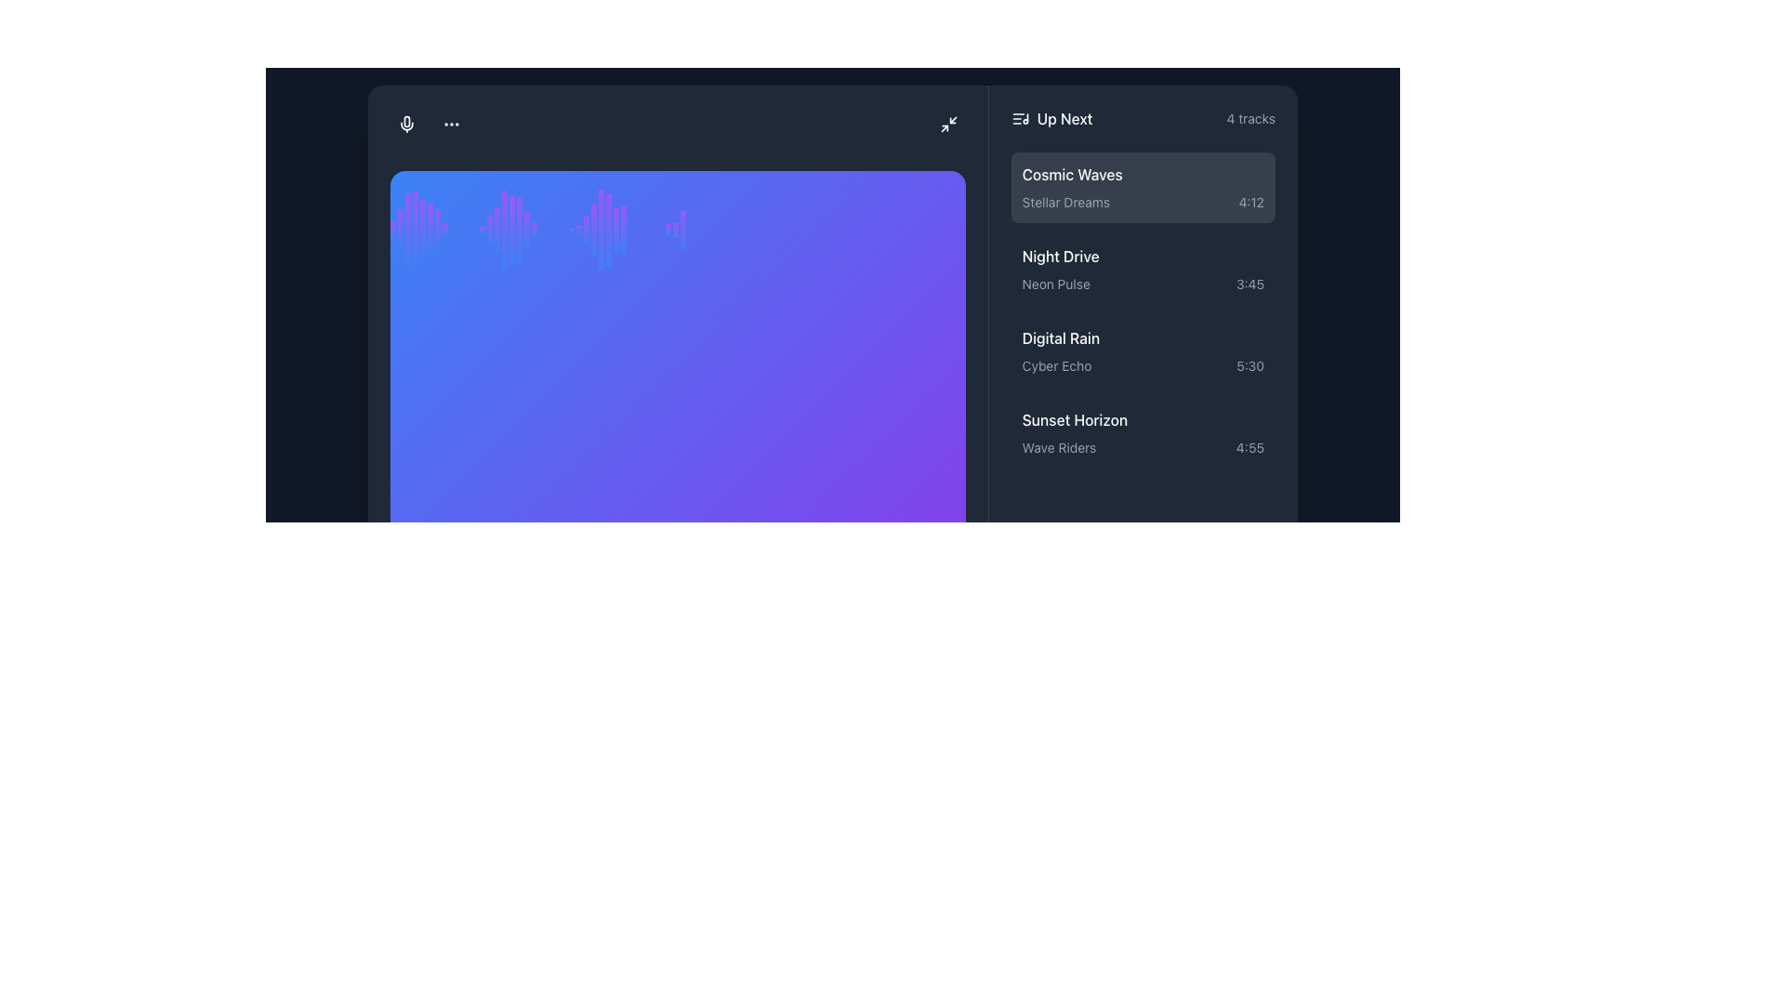 The height and width of the screenshot is (1004, 1785). Describe the element at coordinates (1250, 365) in the screenshot. I see `the duration text label for the track 'Digital Rain' located on the right side of the 'Digital Rain Cyber Echo' row in the 'Up Next' list` at that location.